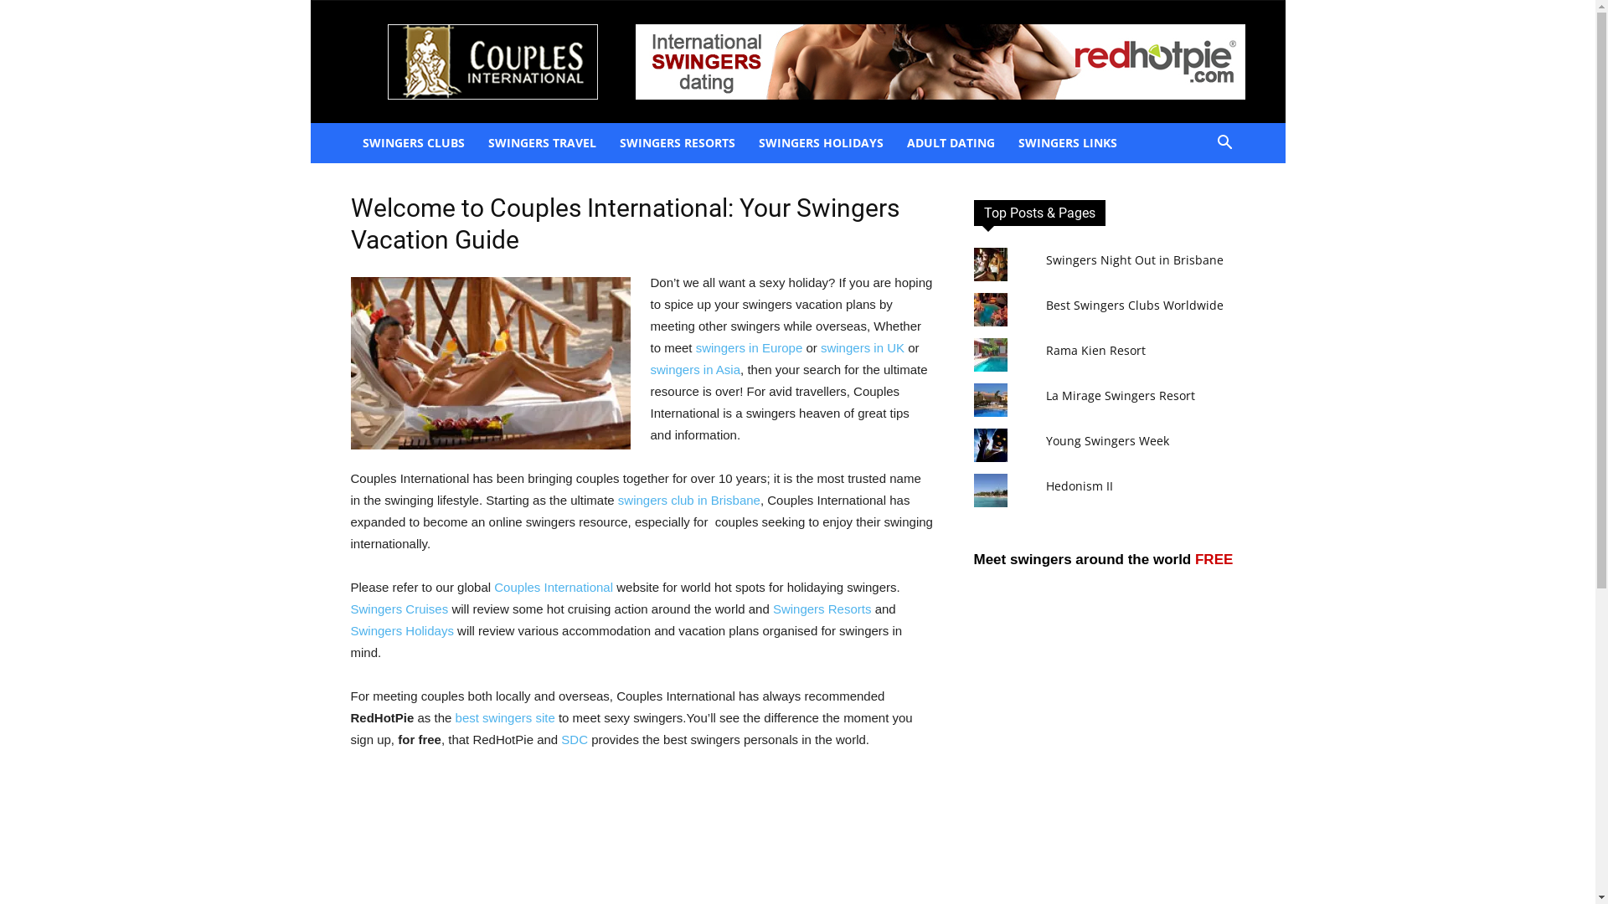  What do you see at coordinates (474, 141) in the screenshot?
I see `'SWINGERS TRAVEL'` at bounding box center [474, 141].